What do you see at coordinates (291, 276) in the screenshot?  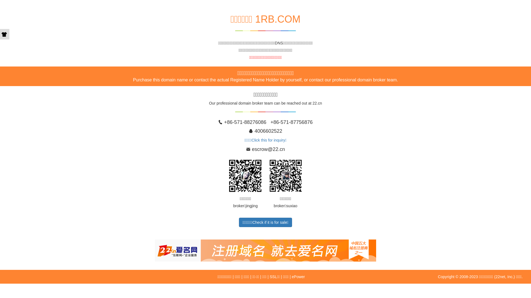 I see `'ePower'` at bounding box center [291, 276].